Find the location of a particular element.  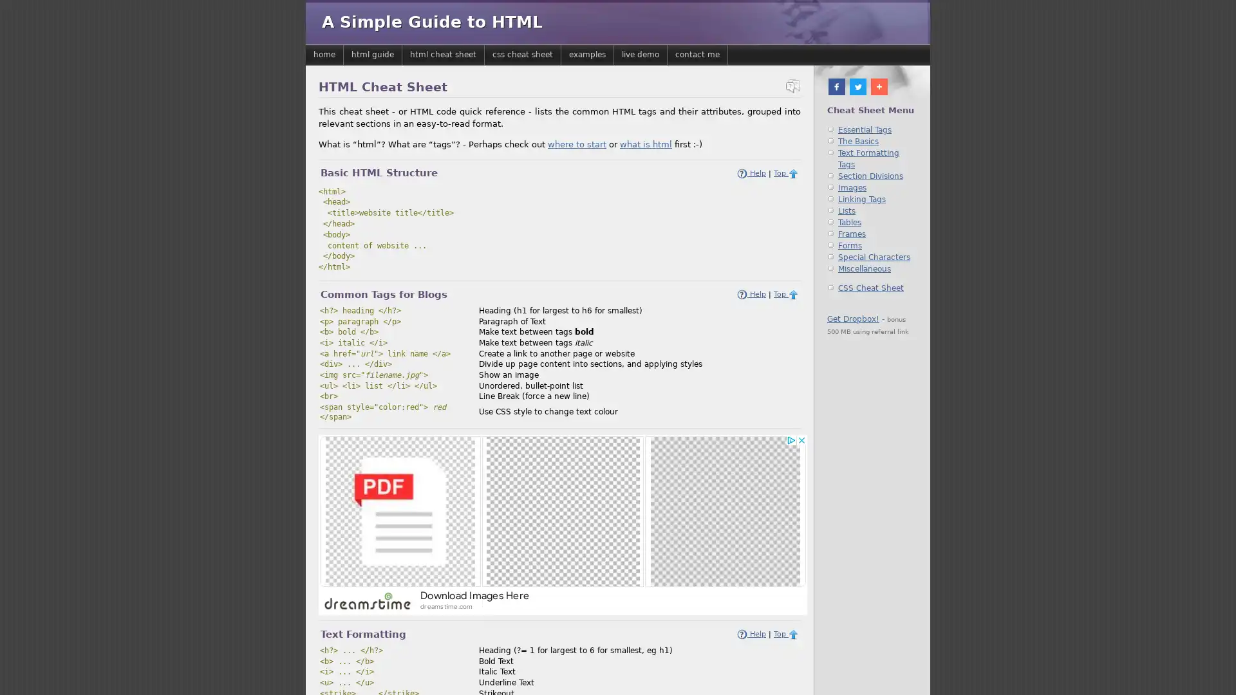

Share to Facebook is located at coordinates (837, 86).